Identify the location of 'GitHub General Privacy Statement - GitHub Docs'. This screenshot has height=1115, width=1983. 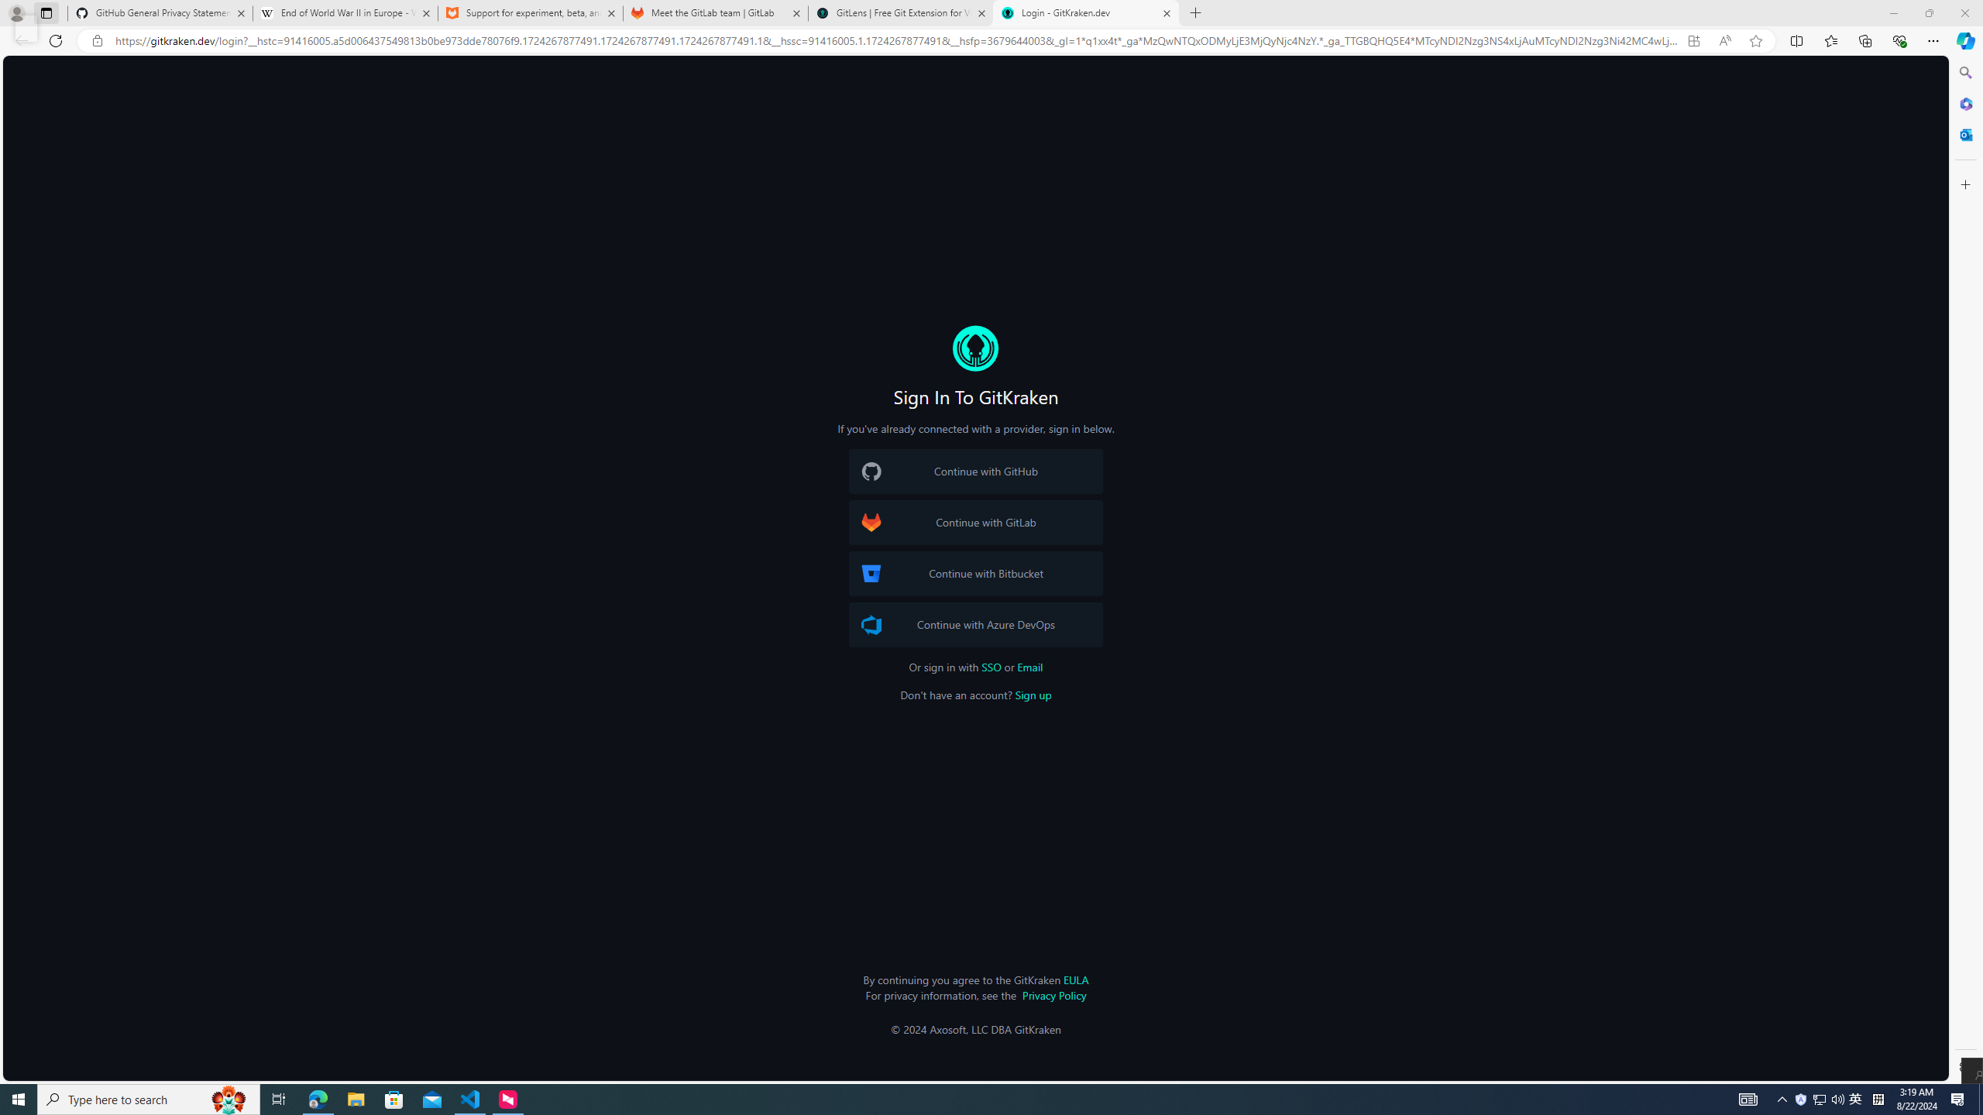
(160, 12).